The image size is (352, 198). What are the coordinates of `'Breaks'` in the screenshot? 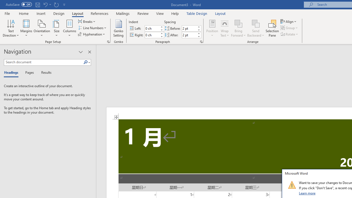 It's located at (87, 21).